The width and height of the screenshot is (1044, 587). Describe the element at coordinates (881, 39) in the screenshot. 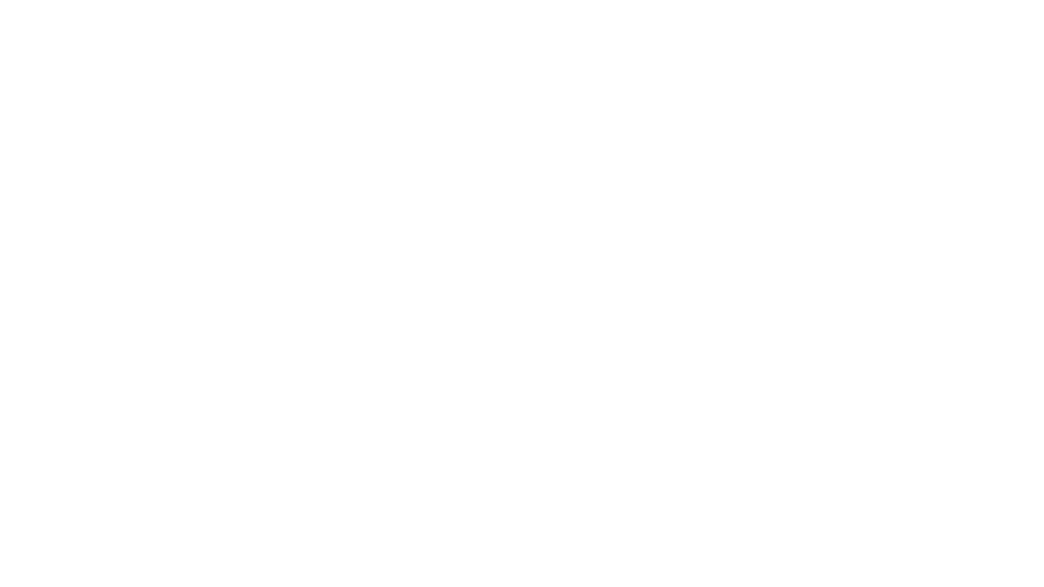

I see `View bag items` at that location.